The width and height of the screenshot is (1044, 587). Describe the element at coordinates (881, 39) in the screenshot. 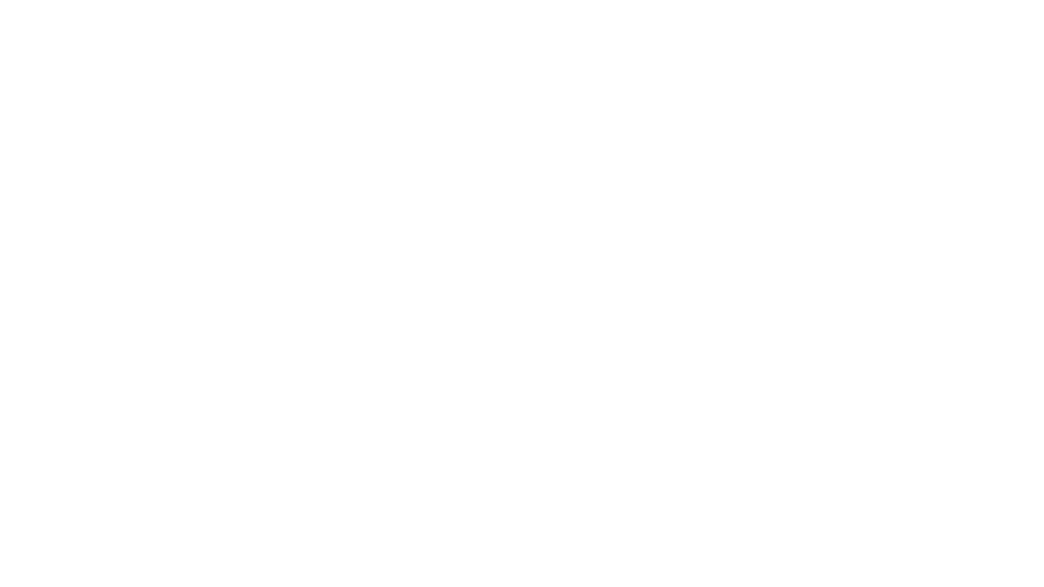

I see `View bag items` at that location.